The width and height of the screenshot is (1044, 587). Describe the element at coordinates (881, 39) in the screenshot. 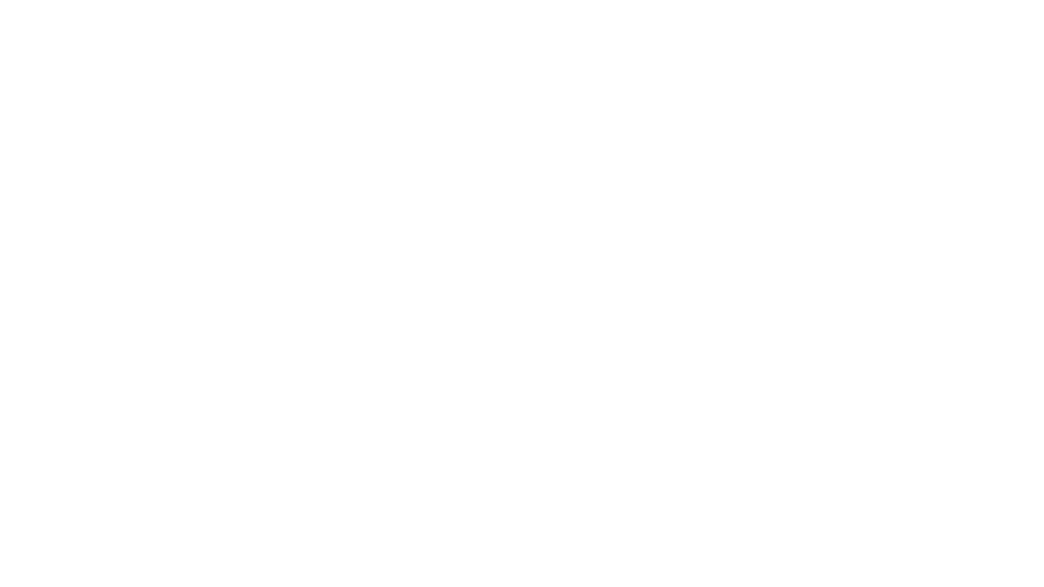

I see `View bag items` at that location.